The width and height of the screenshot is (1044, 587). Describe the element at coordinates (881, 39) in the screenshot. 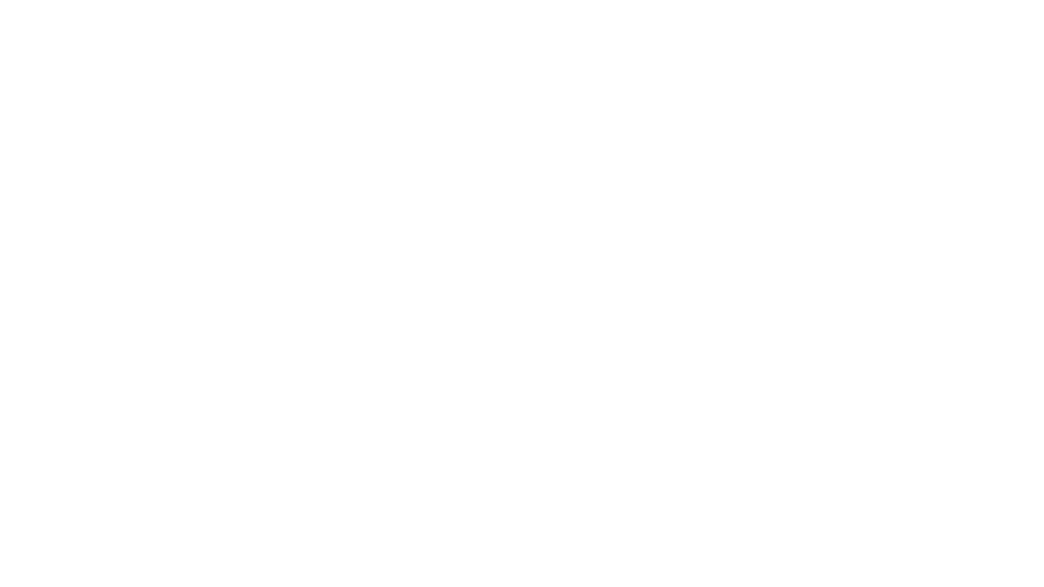

I see `View bag items` at that location.